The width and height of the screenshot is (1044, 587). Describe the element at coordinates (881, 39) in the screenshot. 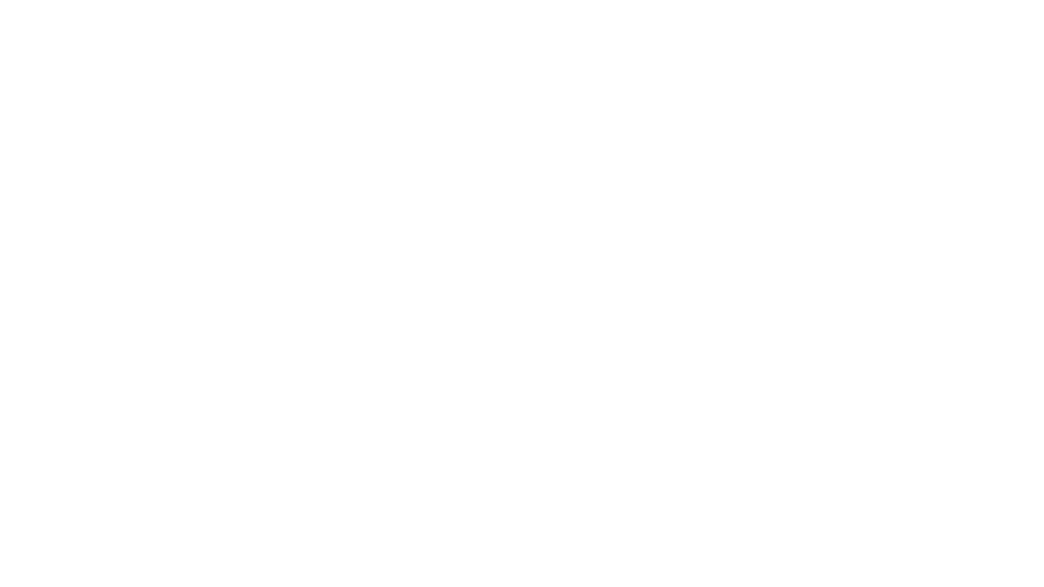

I see `View bag items` at that location.